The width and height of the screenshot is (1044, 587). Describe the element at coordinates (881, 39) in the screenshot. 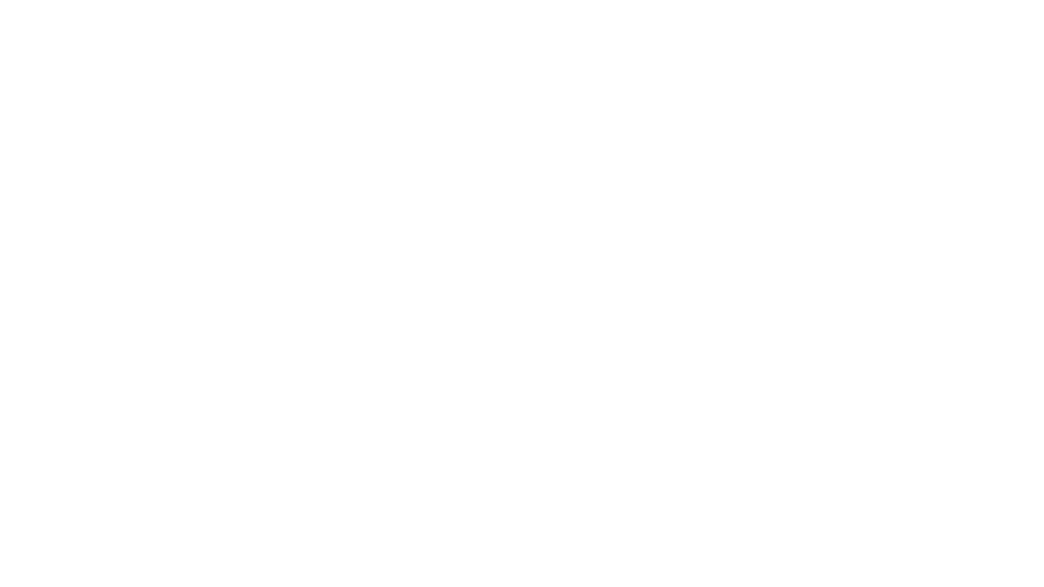

I see `View bag items` at that location.